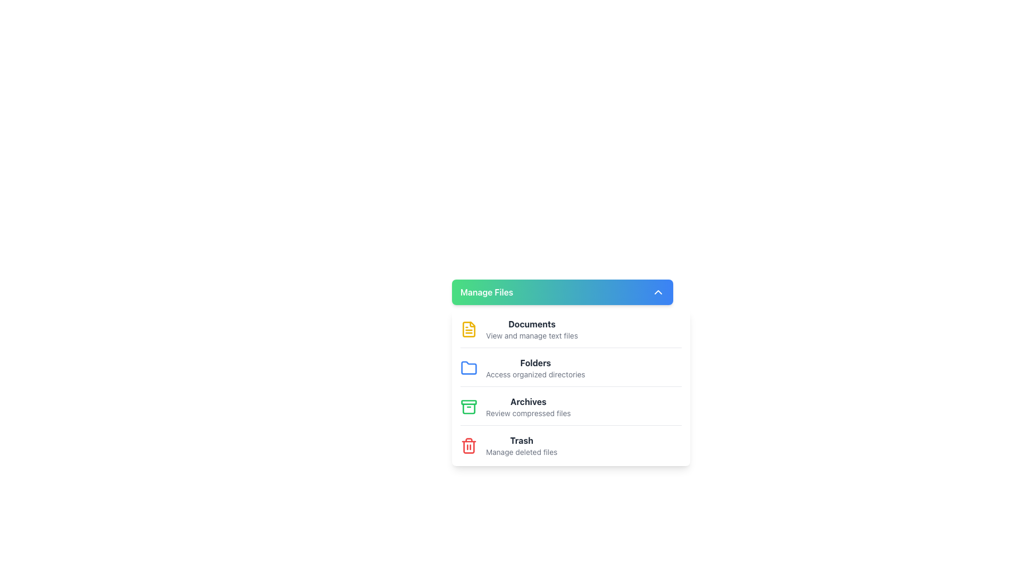  Describe the element at coordinates (468, 402) in the screenshot. I see `the decorative bar located at the top of the archives icon, which visually distinguishes it from other icons` at that location.